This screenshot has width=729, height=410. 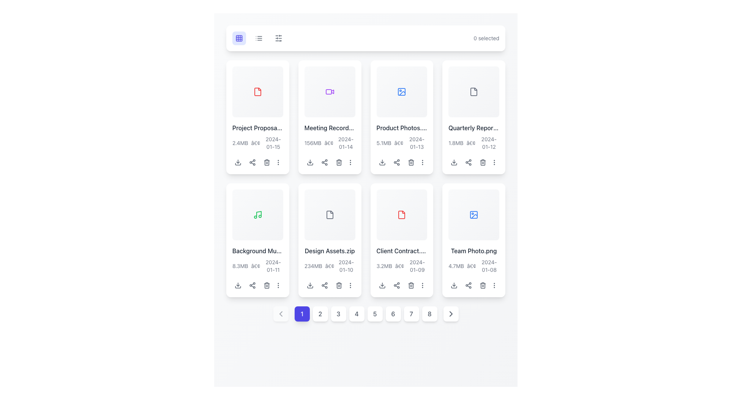 I want to click on the share icon represented by three interconnected circles located in the bottom section of the 'Background Music.mp3' card, to the right of the download icon and aligned to the left of the delete and options icons, to initiate sharing, so click(x=252, y=285).